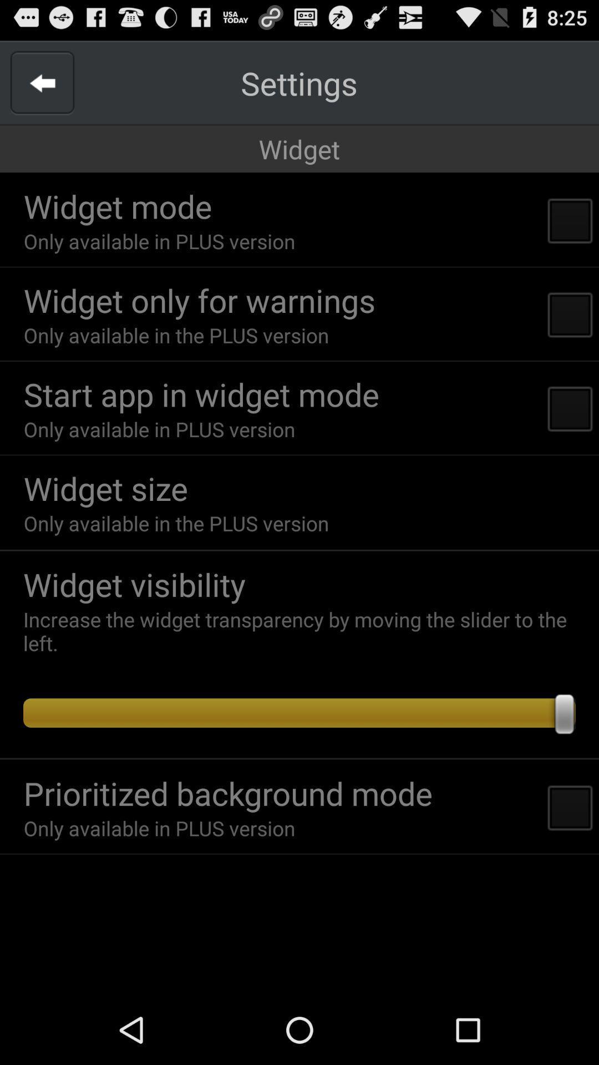 This screenshot has height=1065, width=599. Describe the element at coordinates (299, 550) in the screenshot. I see `the icon below only available in` at that location.